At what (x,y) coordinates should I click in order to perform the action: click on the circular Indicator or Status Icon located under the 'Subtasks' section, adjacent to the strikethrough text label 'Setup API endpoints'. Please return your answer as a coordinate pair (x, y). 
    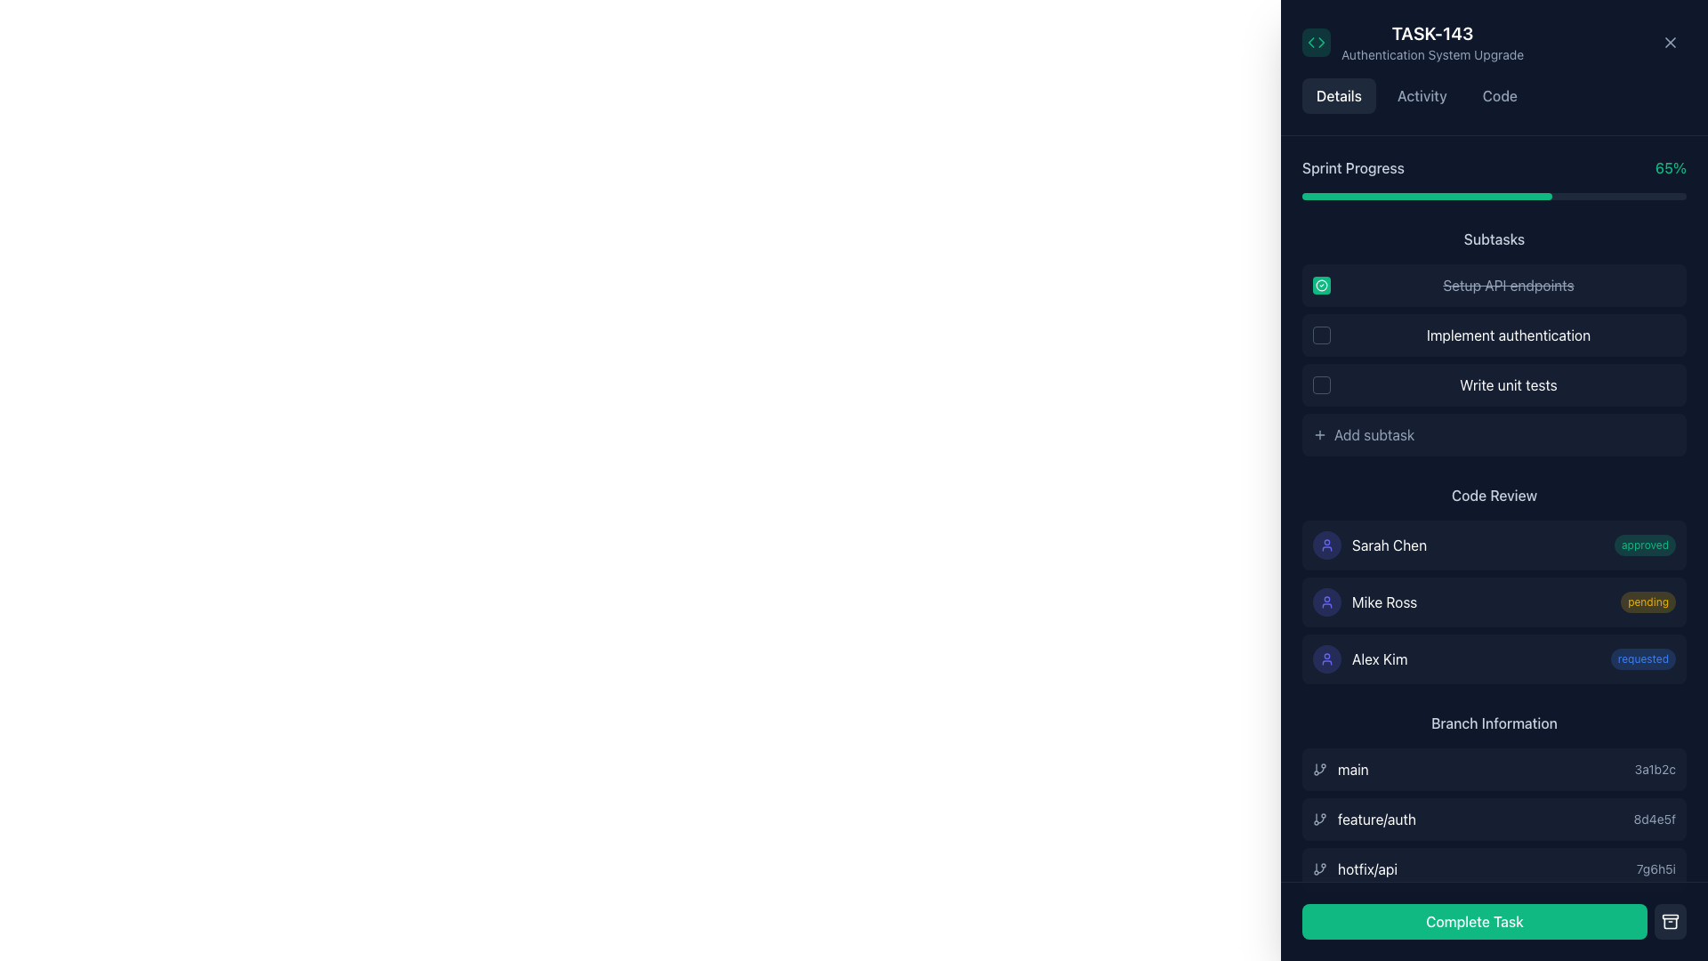
    Looking at the image, I should click on (1322, 284).